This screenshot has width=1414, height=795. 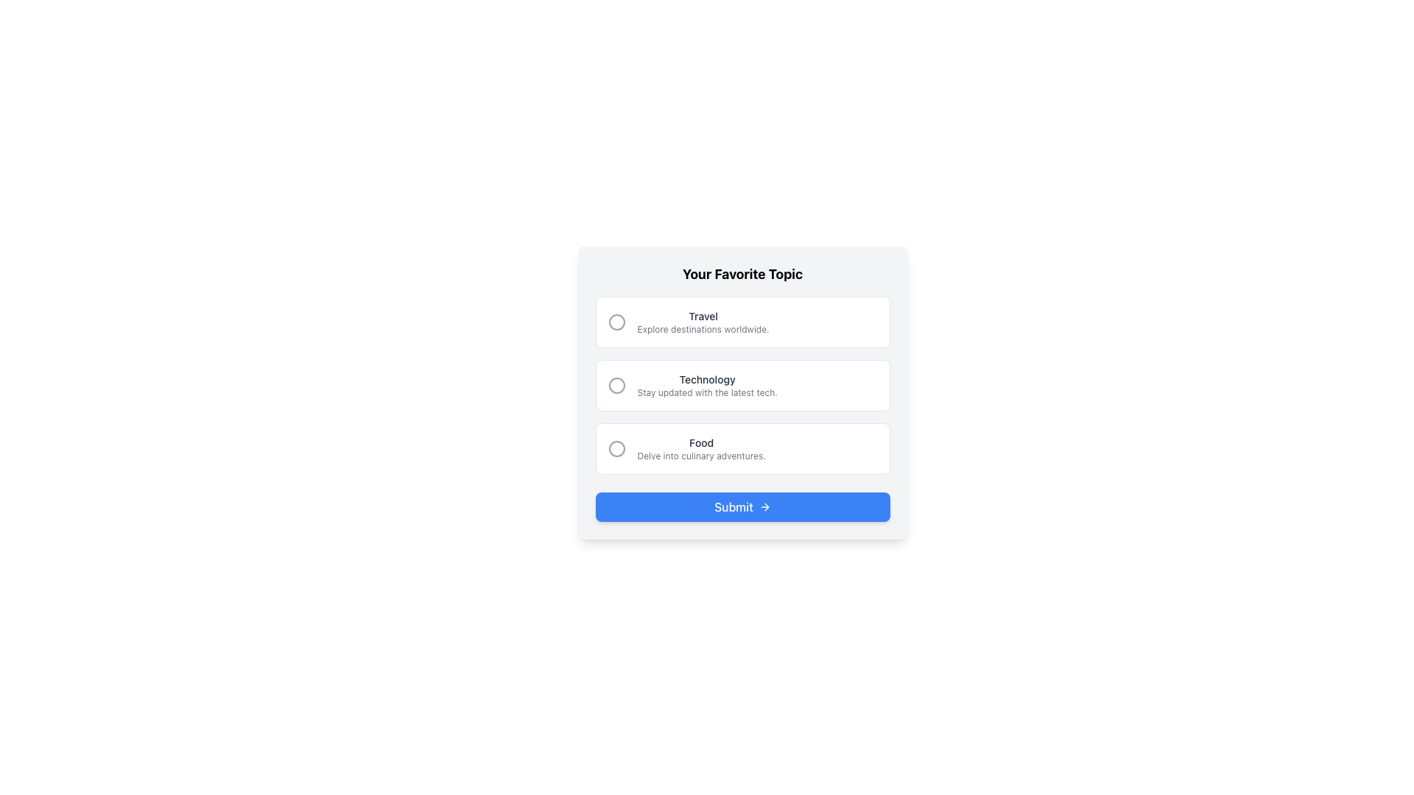 What do you see at coordinates (616, 385) in the screenshot?
I see `the circular outline radio button associated with the 'Technology' topic in the list under 'Your Favorite Topic'` at bounding box center [616, 385].